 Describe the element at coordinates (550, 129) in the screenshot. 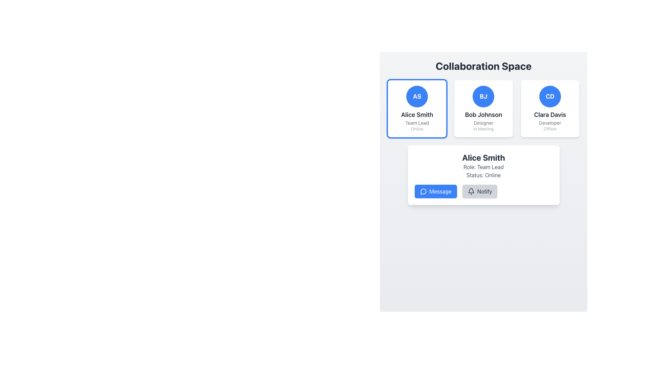

I see `the status of the 'Offline' text label located at the bottom of the profile card for Clara Davis in the 'Collaboration Space' section` at that location.